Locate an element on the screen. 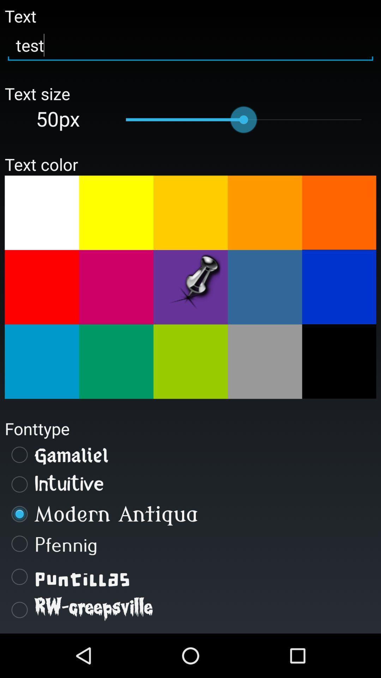 The width and height of the screenshot is (381, 678). change text color to green is located at coordinates (190, 362).